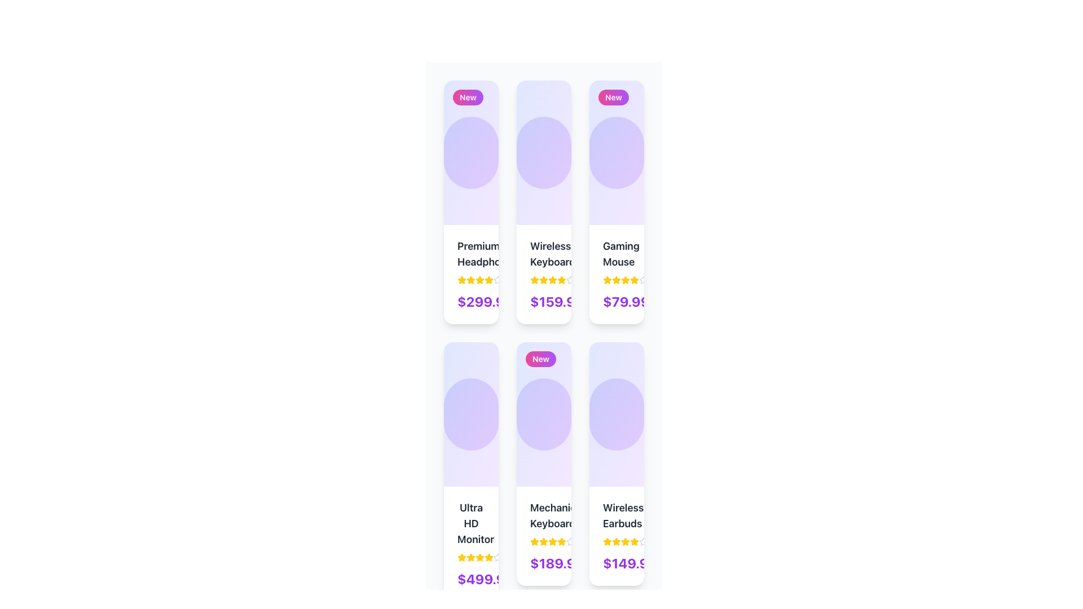  Describe the element at coordinates (468, 97) in the screenshot. I see `the badge labeled 'New' with a gradient background at the top-left corner of the 'Premium Headphone' product card` at that location.